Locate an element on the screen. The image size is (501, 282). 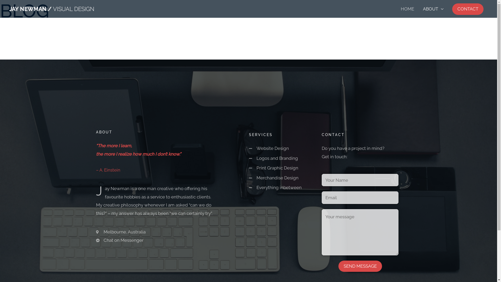
'CONTACT' is located at coordinates (468, 9).